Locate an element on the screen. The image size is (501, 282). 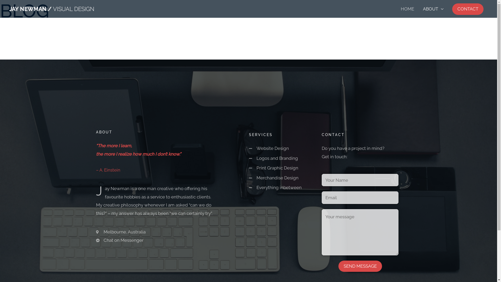
'CONTACT' is located at coordinates (468, 9).